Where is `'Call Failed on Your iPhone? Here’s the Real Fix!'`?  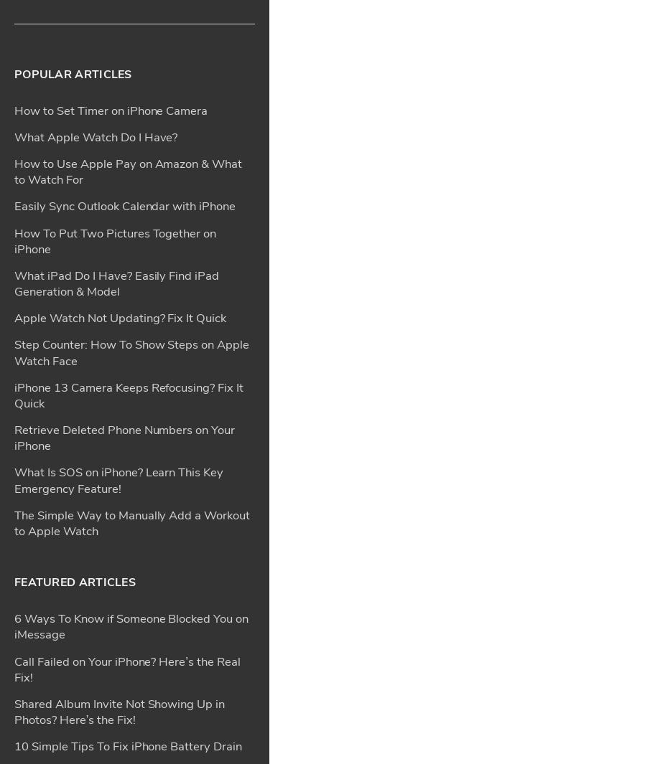 'Call Failed on Your iPhone? Here’s the Real Fix!' is located at coordinates (127, 247).